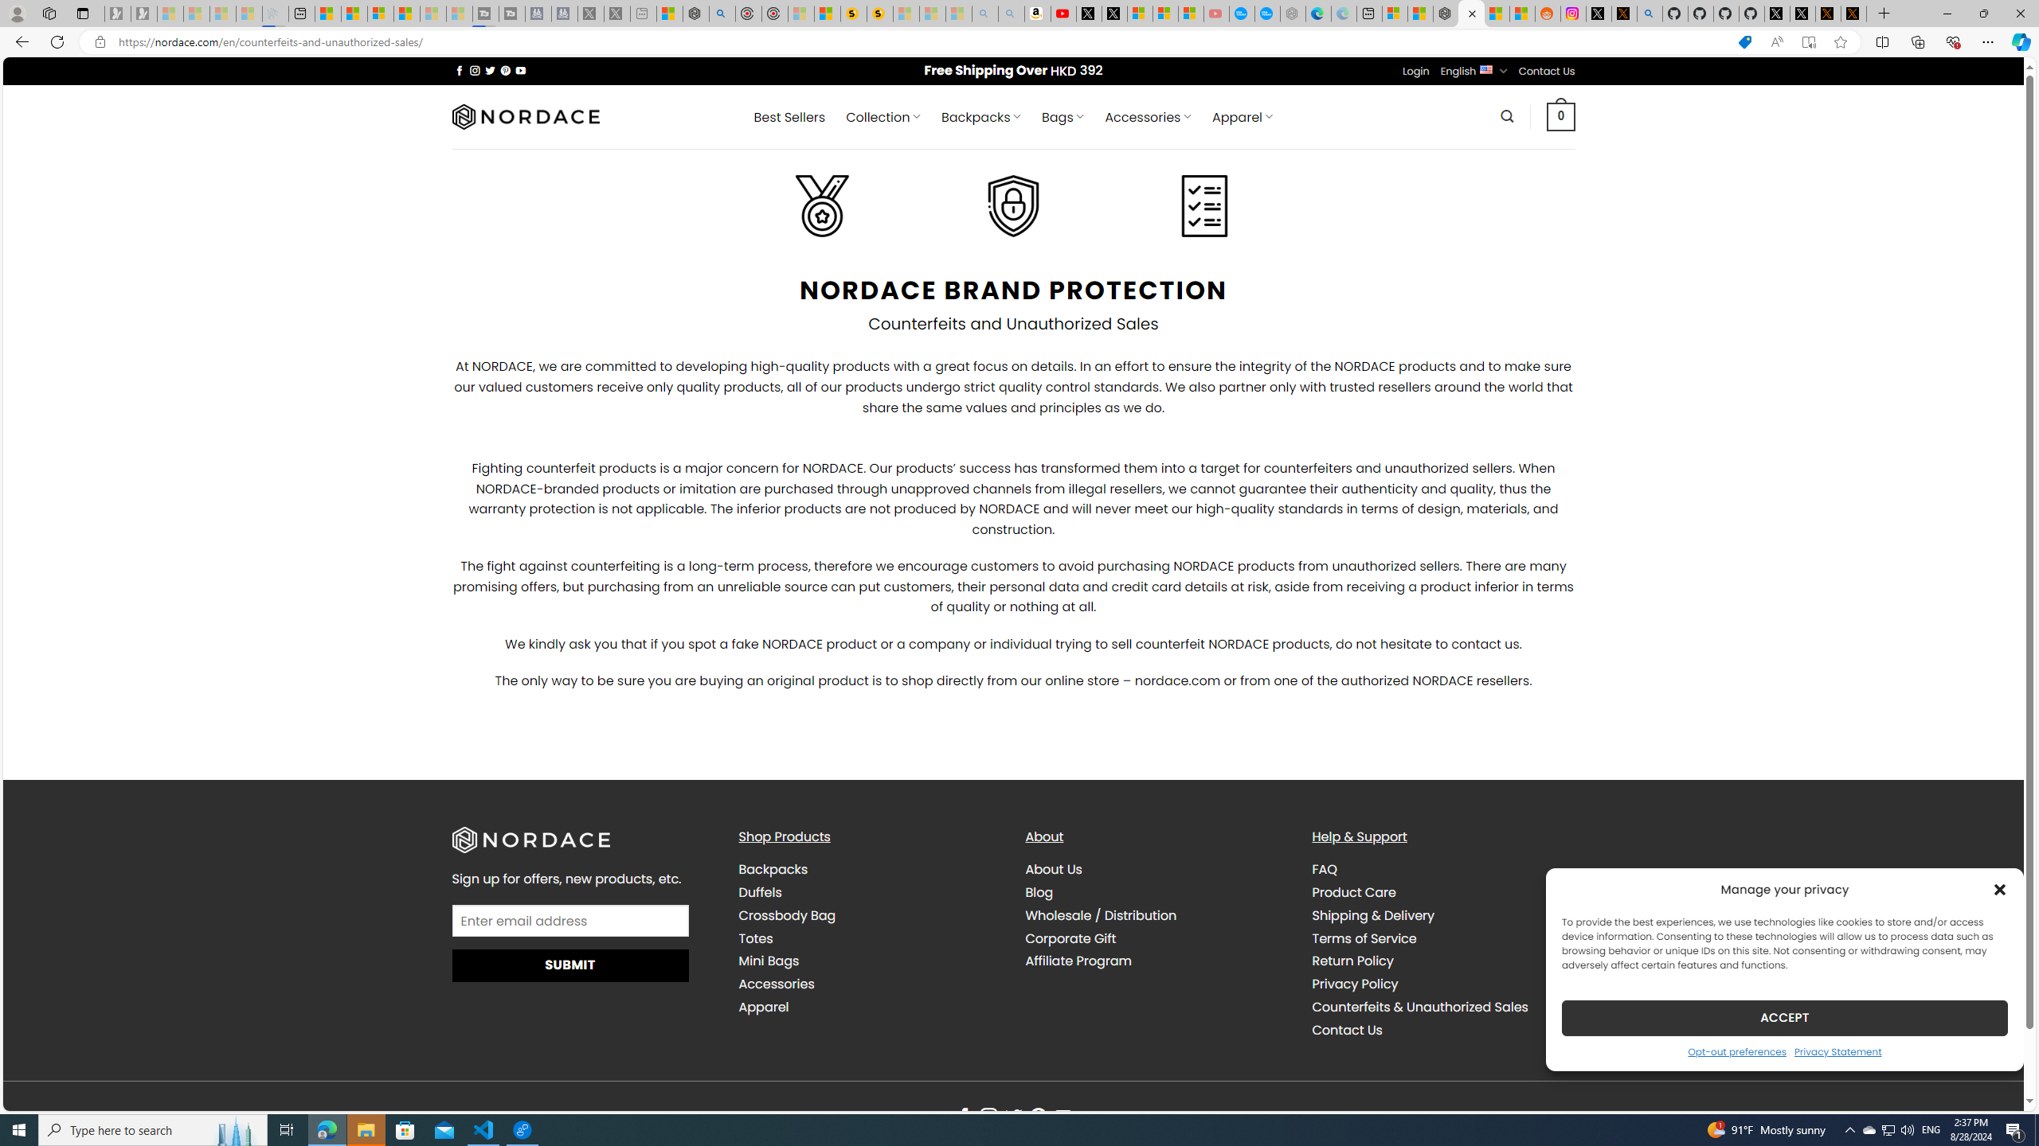 The height and width of the screenshot is (1146, 2039). I want to click on 'Profile / X', so click(1776, 13).